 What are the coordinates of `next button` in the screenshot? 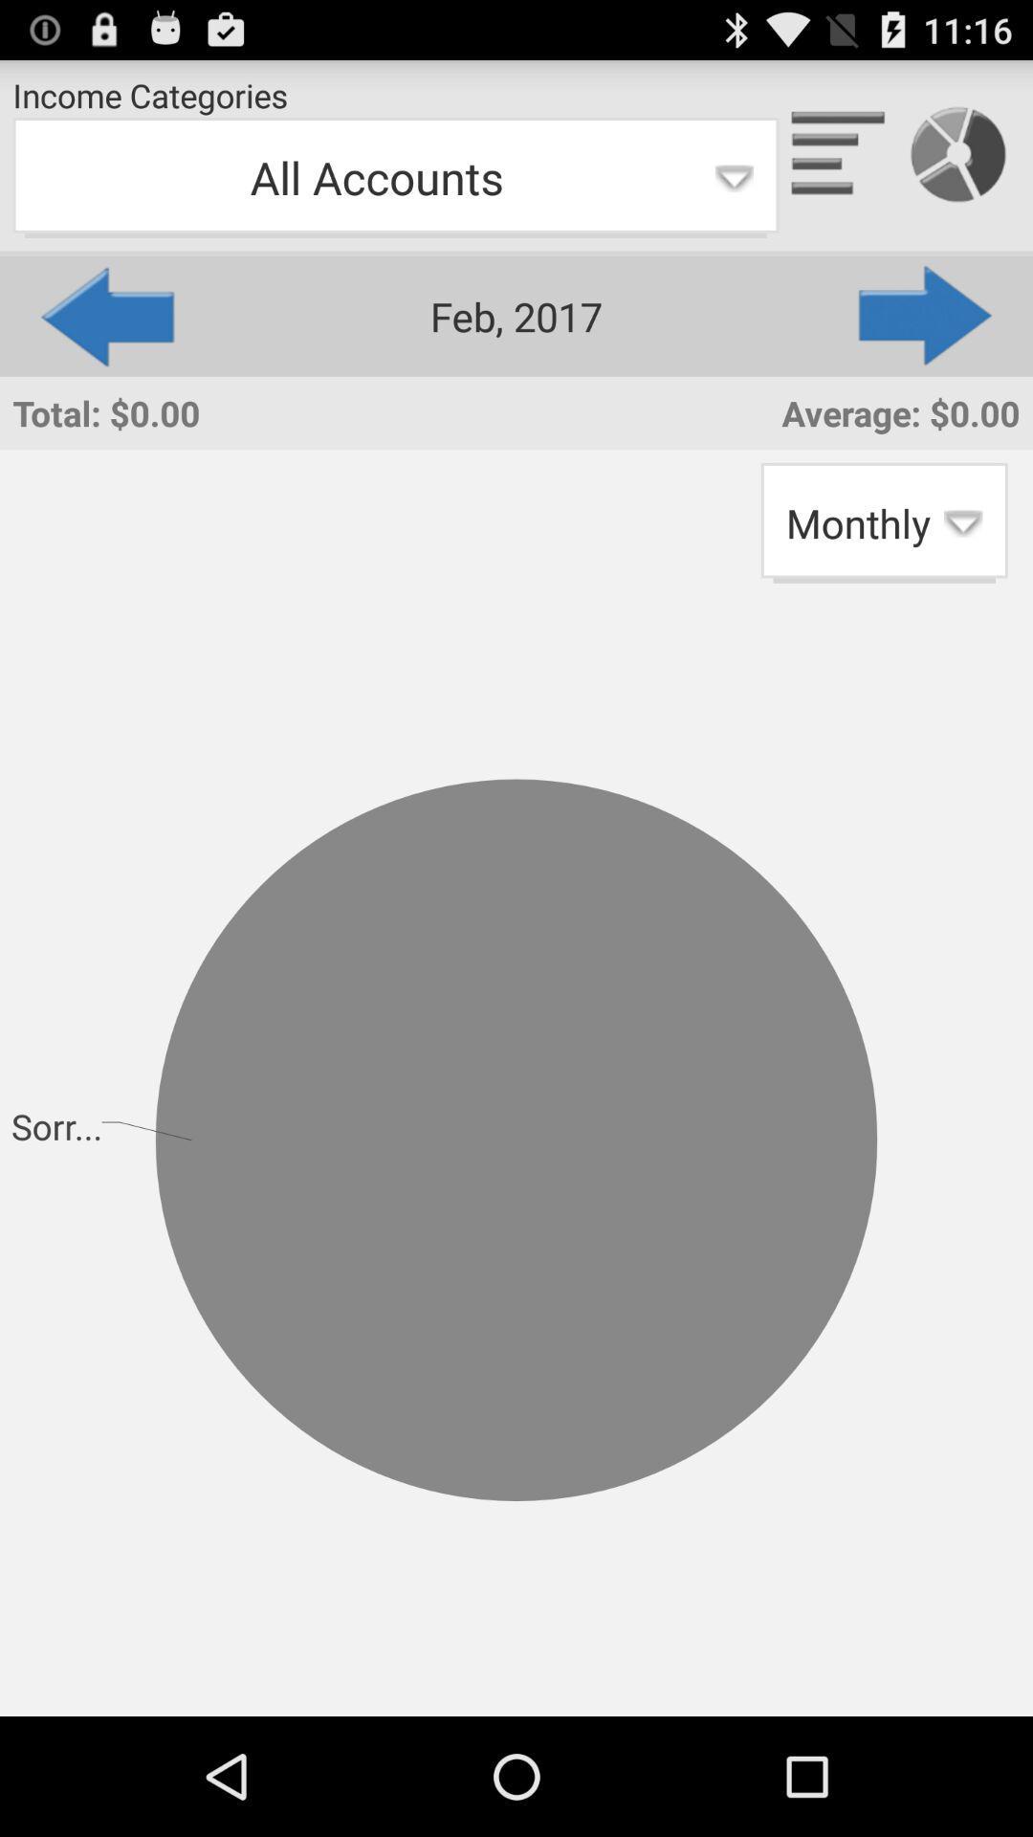 It's located at (926, 316).